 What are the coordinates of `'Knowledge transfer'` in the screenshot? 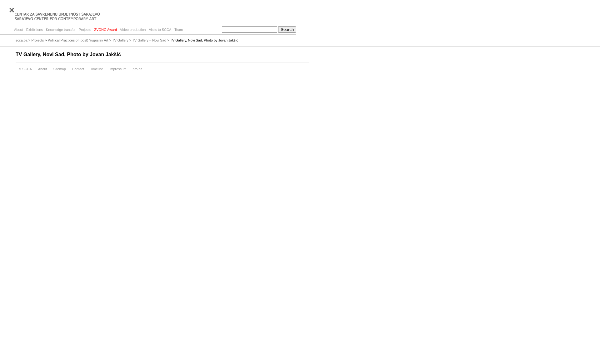 It's located at (61, 30).